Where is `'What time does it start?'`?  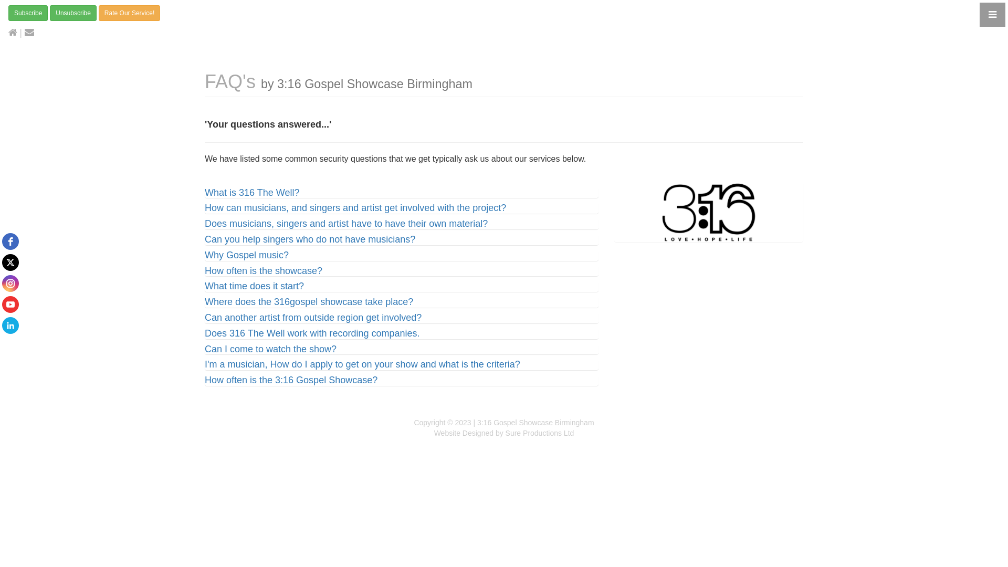
'What time does it start?' is located at coordinates (254, 286).